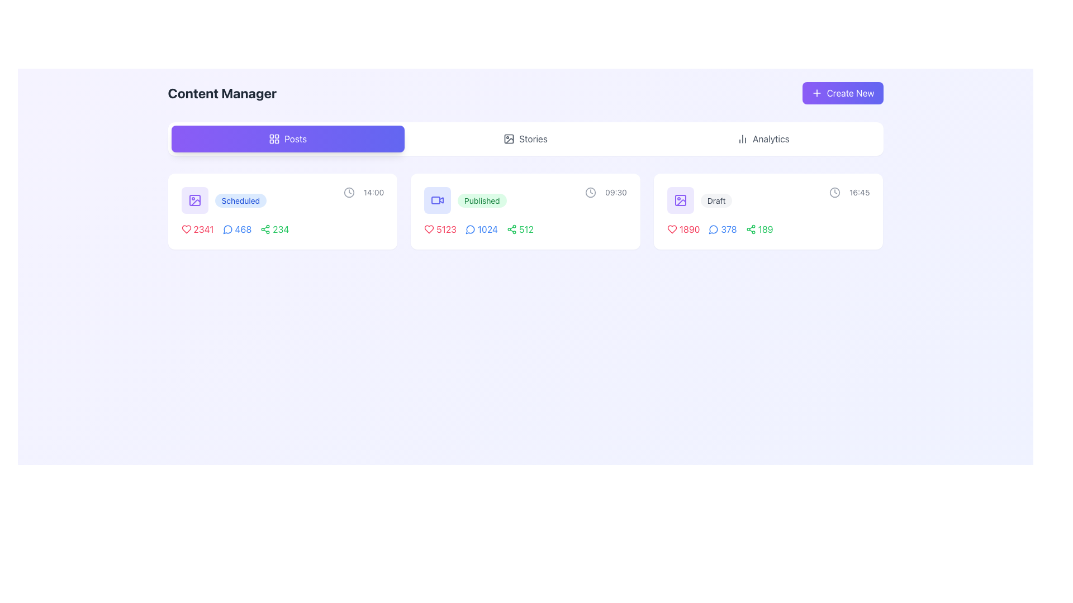 The image size is (1073, 603). What do you see at coordinates (243, 229) in the screenshot?
I see `the Text label representing the count of comments or interactions, located within the content card layout` at bounding box center [243, 229].